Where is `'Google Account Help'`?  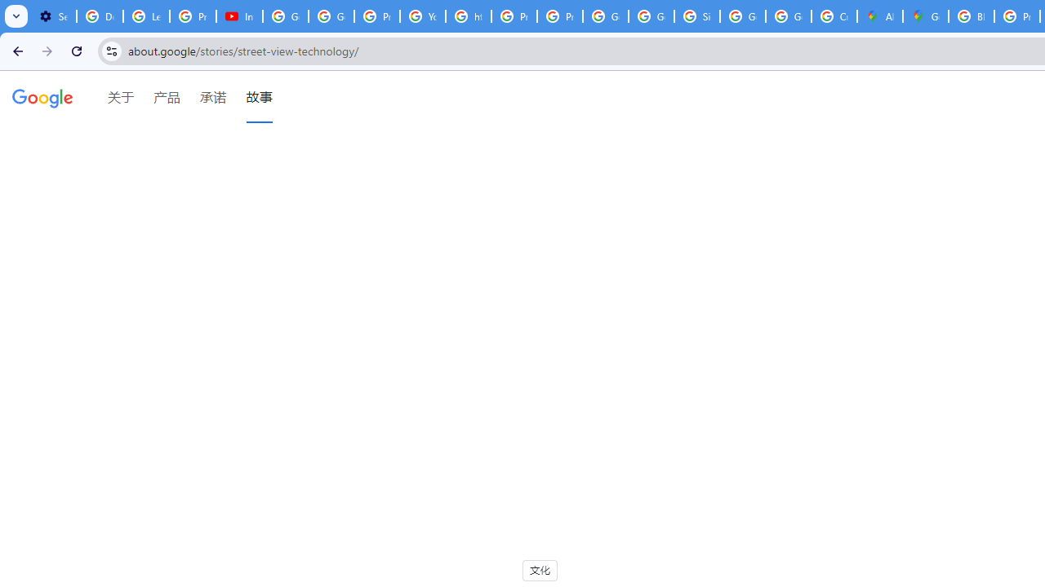
'Google Account Help' is located at coordinates (286, 16).